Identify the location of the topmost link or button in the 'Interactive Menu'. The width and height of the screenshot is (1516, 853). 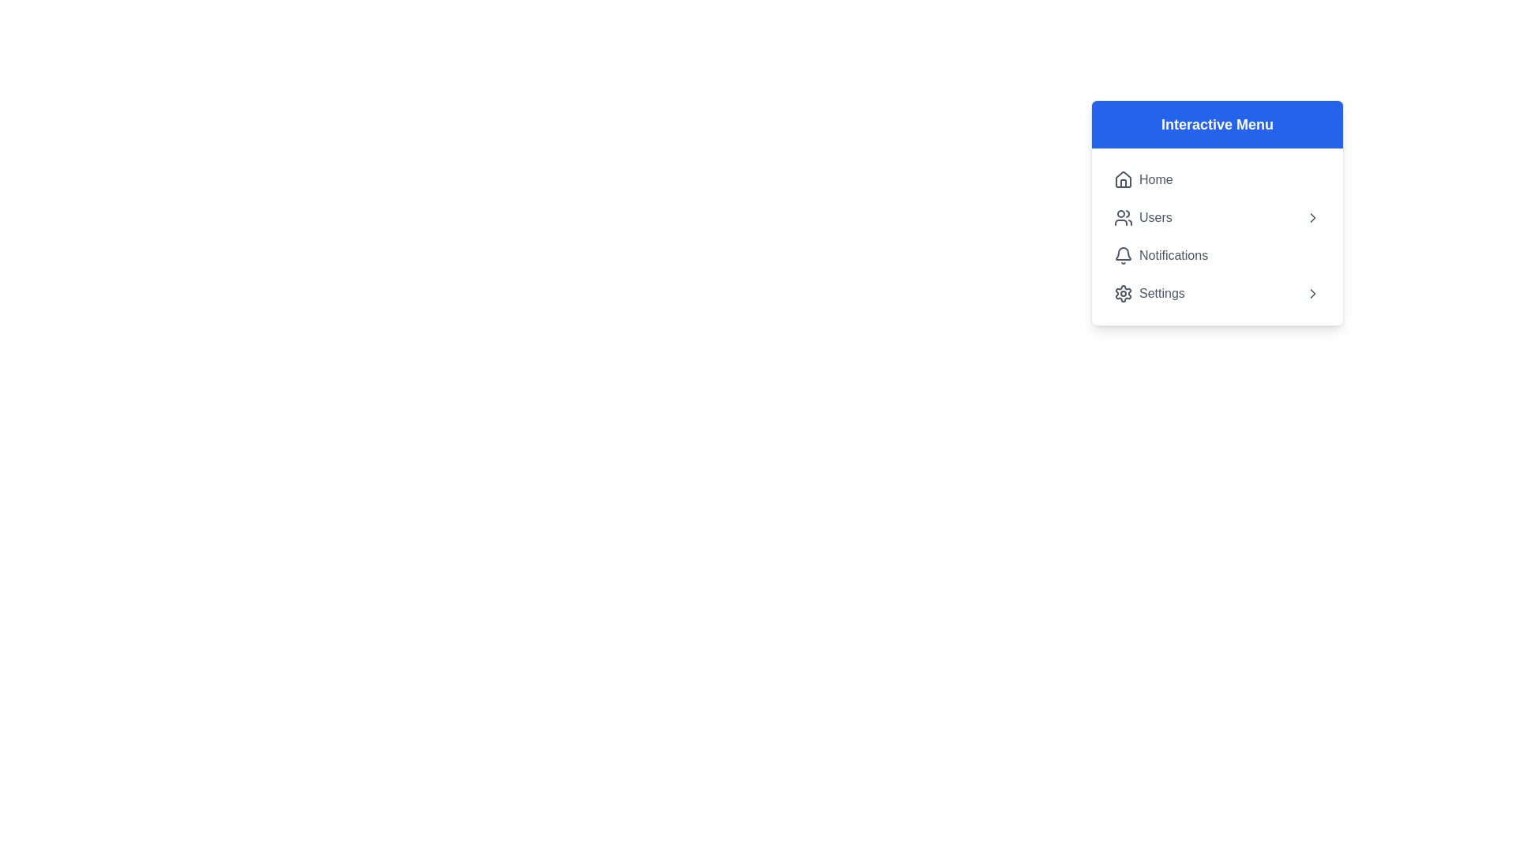
(1143, 178).